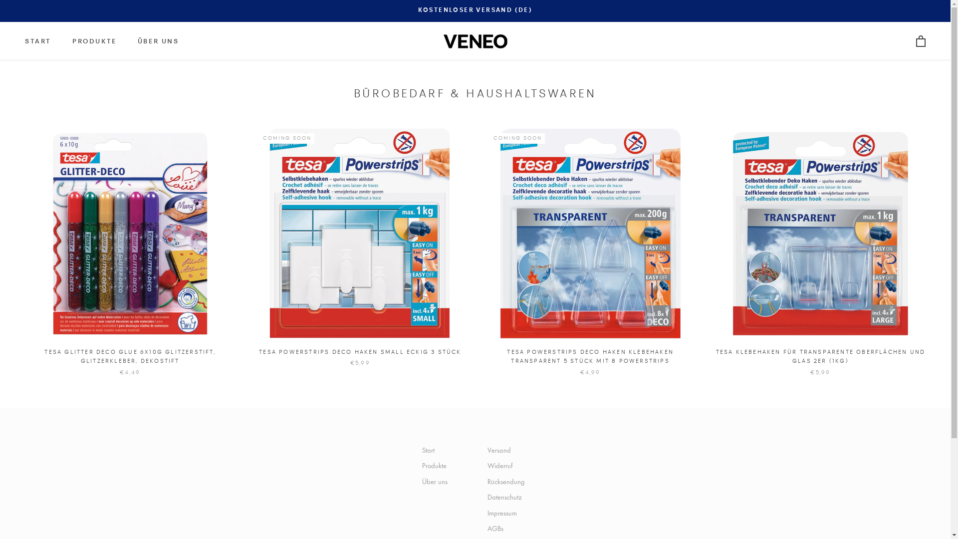  Describe the element at coordinates (486, 450) in the screenshot. I see `'Versand'` at that location.